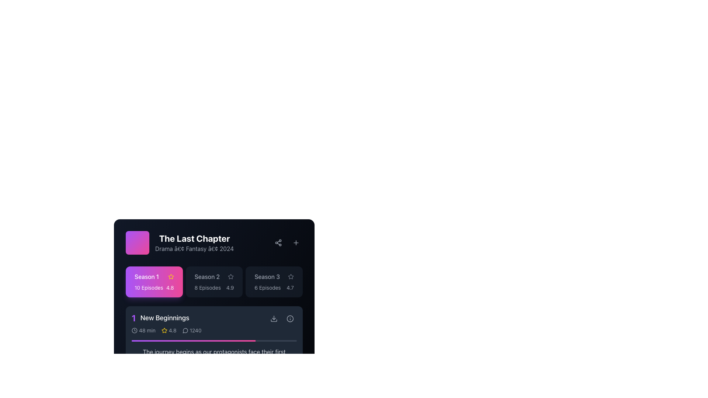  I want to click on the 'Season 2' button, which is a rectangular button with a gradient background and contains the text 'Season 2' and '8 Episodes 4.9', so click(214, 282).